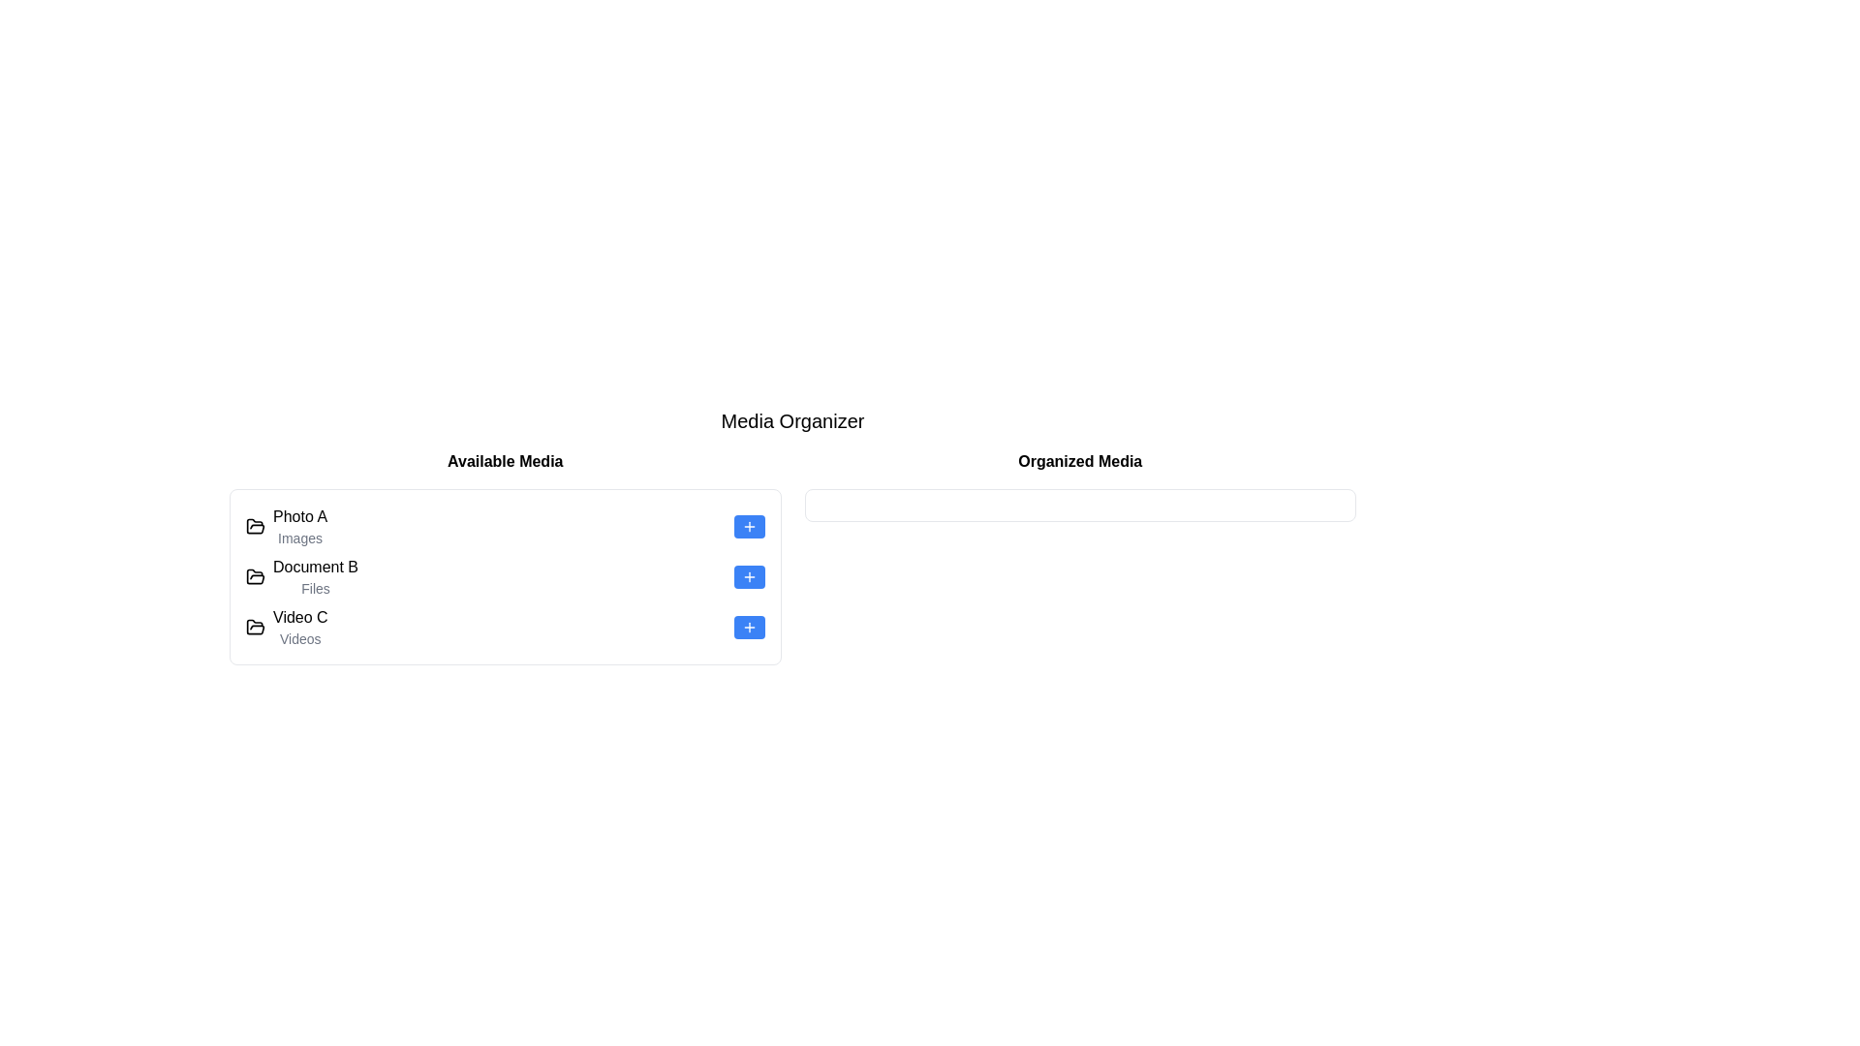 This screenshot has width=1860, height=1046. Describe the element at coordinates (286, 628) in the screenshot. I see `the 'Video C' folder item located in the 'Available Media' section` at that location.